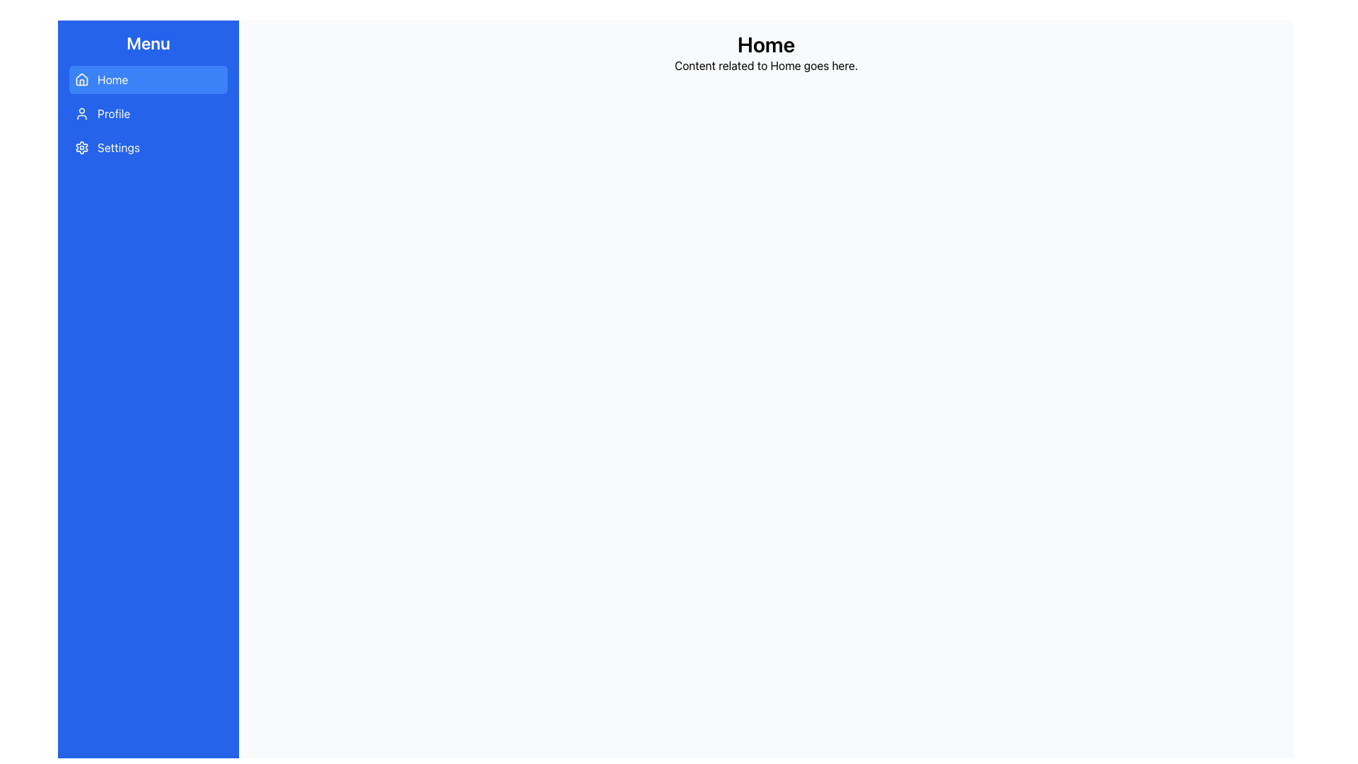  What do you see at coordinates (149, 113) in the screenshot?
I see `the 'Profile' button in the vertical menu component with a blue background` at bounding box center [149, 113].